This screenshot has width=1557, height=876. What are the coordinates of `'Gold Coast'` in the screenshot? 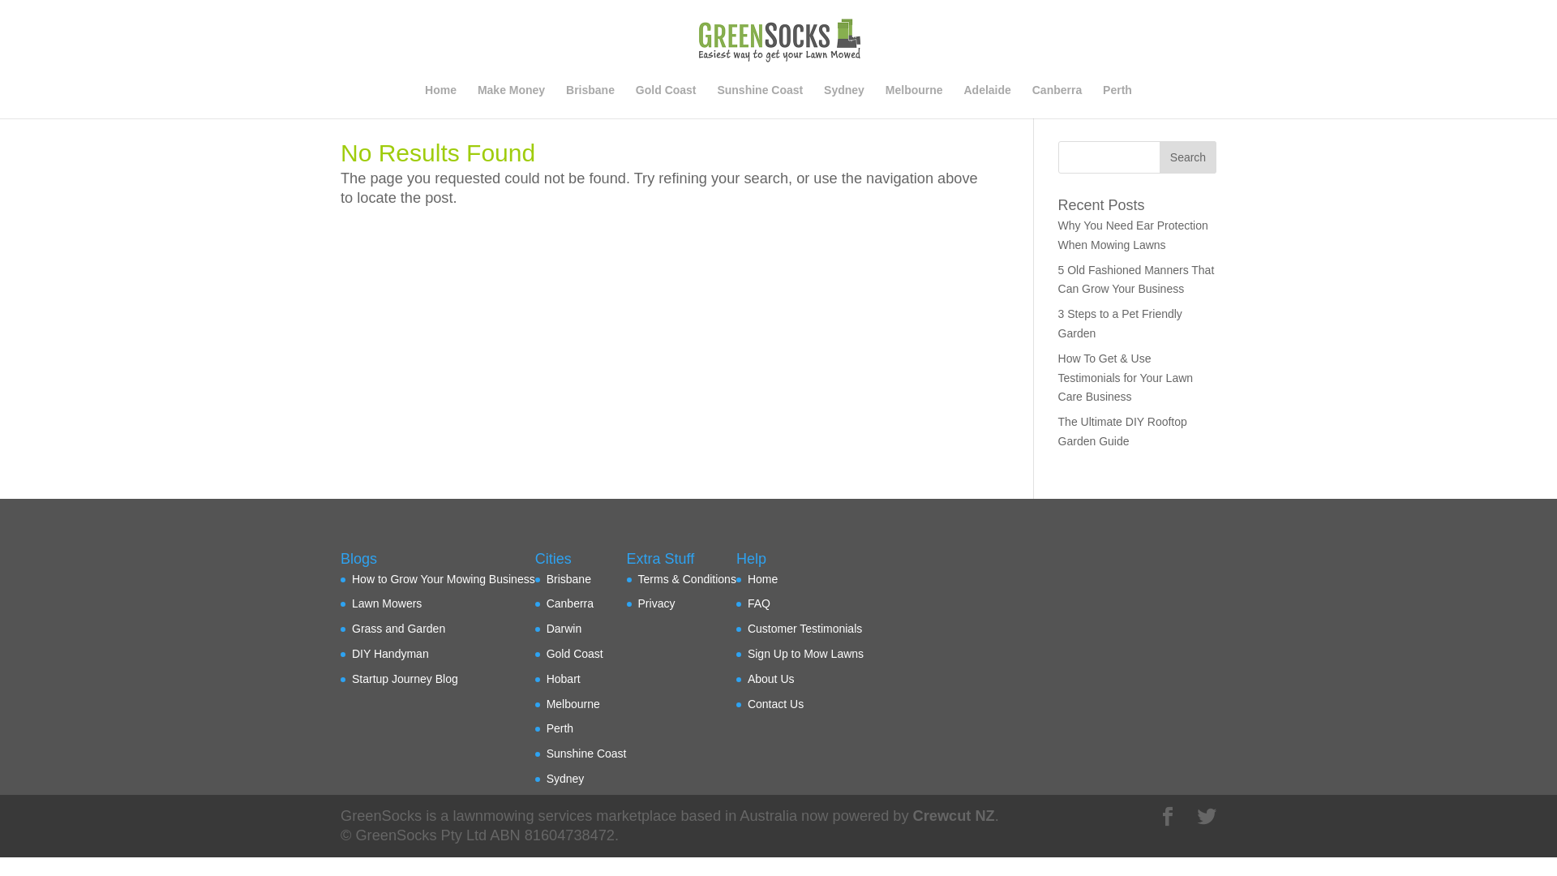 It's located at (546, 653).